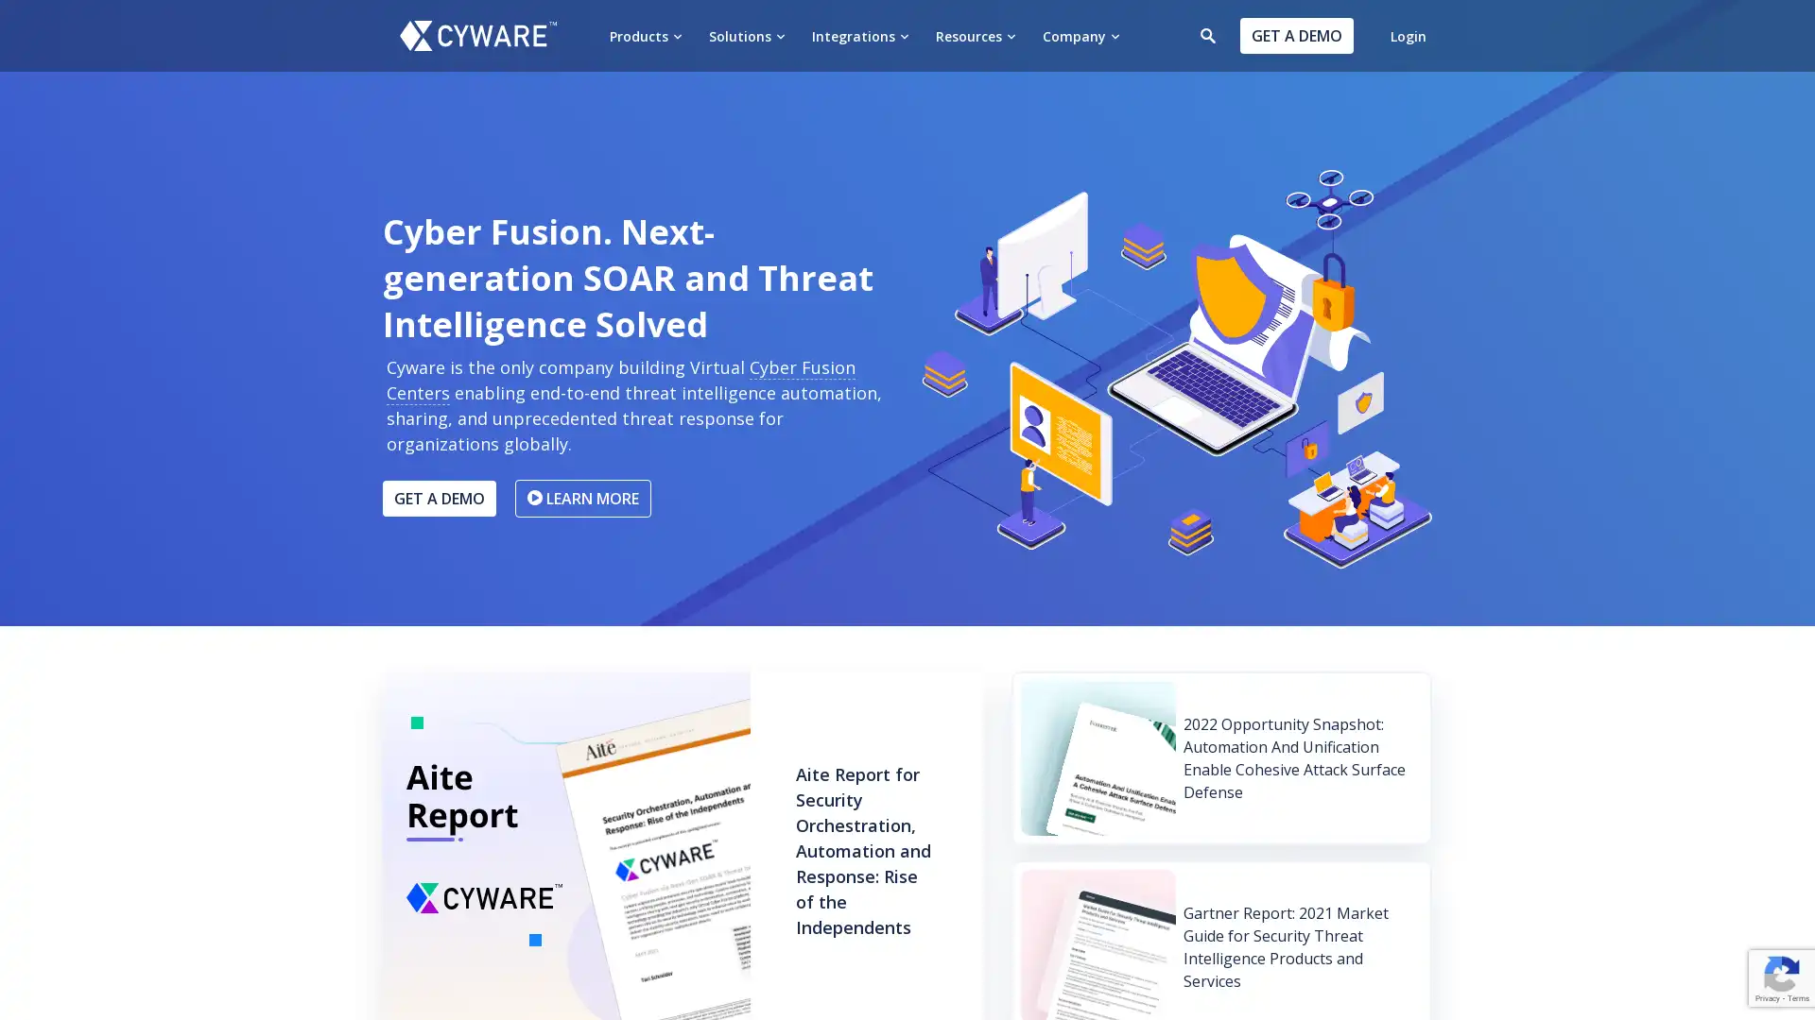 This screenshot has height=1020, width=1815. What do you see at coordinates (646, 35) in the screenshot?
I see `Products` at bounding box center [646, 35].